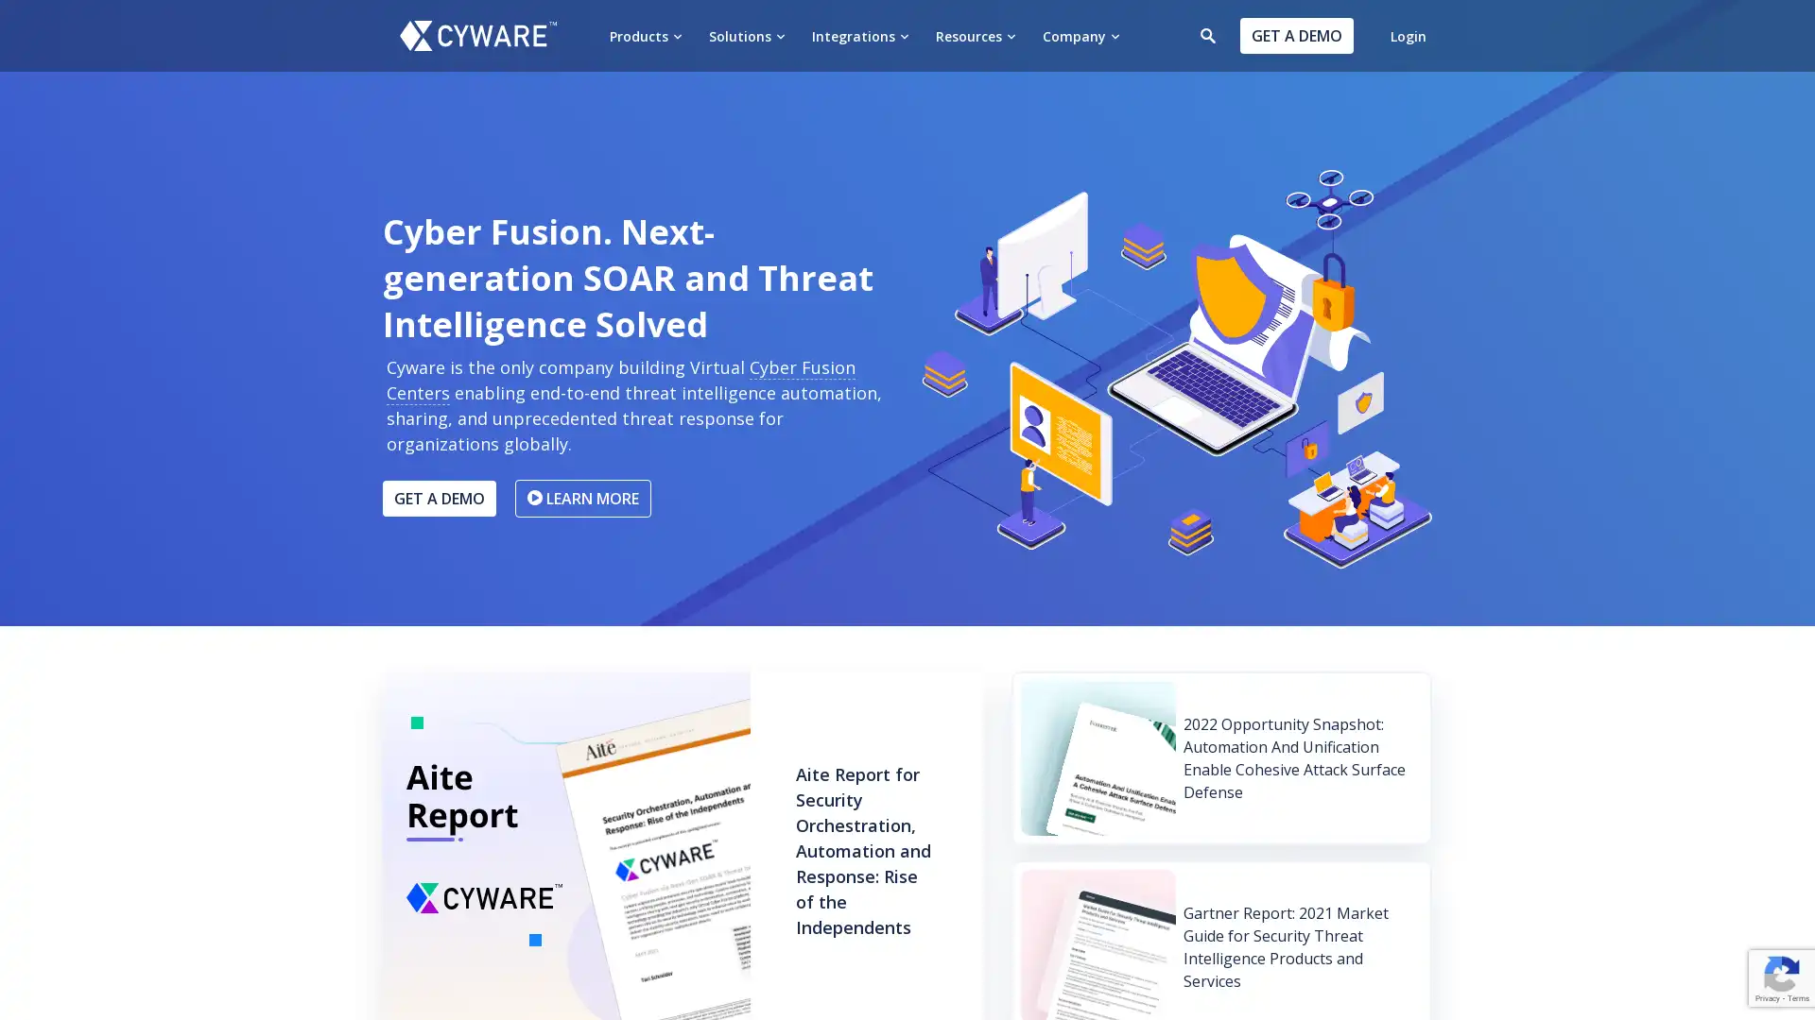 This screenshot has height=1020, width=1815. What do you see at coordinates (646, 35) in the screenshot?
I see `Products` at bounding box center [646, 35].